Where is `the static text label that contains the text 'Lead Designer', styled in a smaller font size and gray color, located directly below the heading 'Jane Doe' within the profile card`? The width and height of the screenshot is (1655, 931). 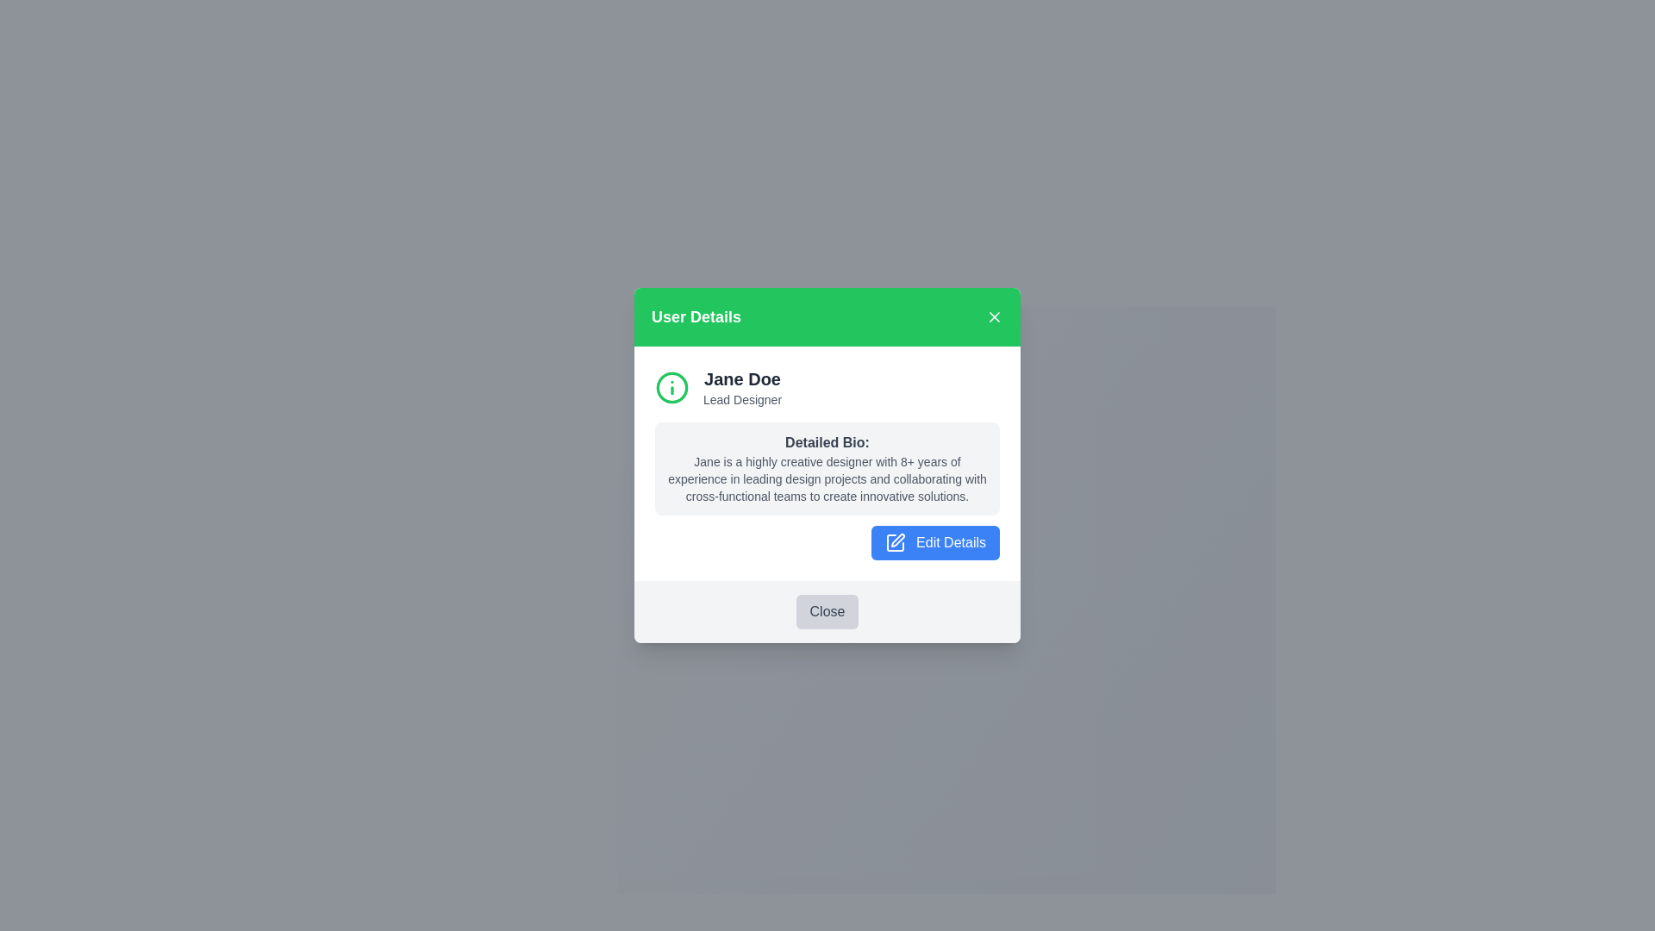 the static text label that contains the text 'Lead Designer', styled in a smaller font size and gray color, located directly below the heading 'Jane Doe' within the profile card is located at coordinates (742, 399).